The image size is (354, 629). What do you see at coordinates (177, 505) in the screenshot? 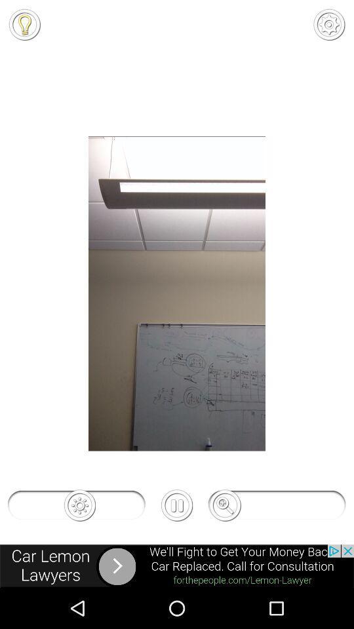
I see `pass botten` at bounding box center [177, 505].